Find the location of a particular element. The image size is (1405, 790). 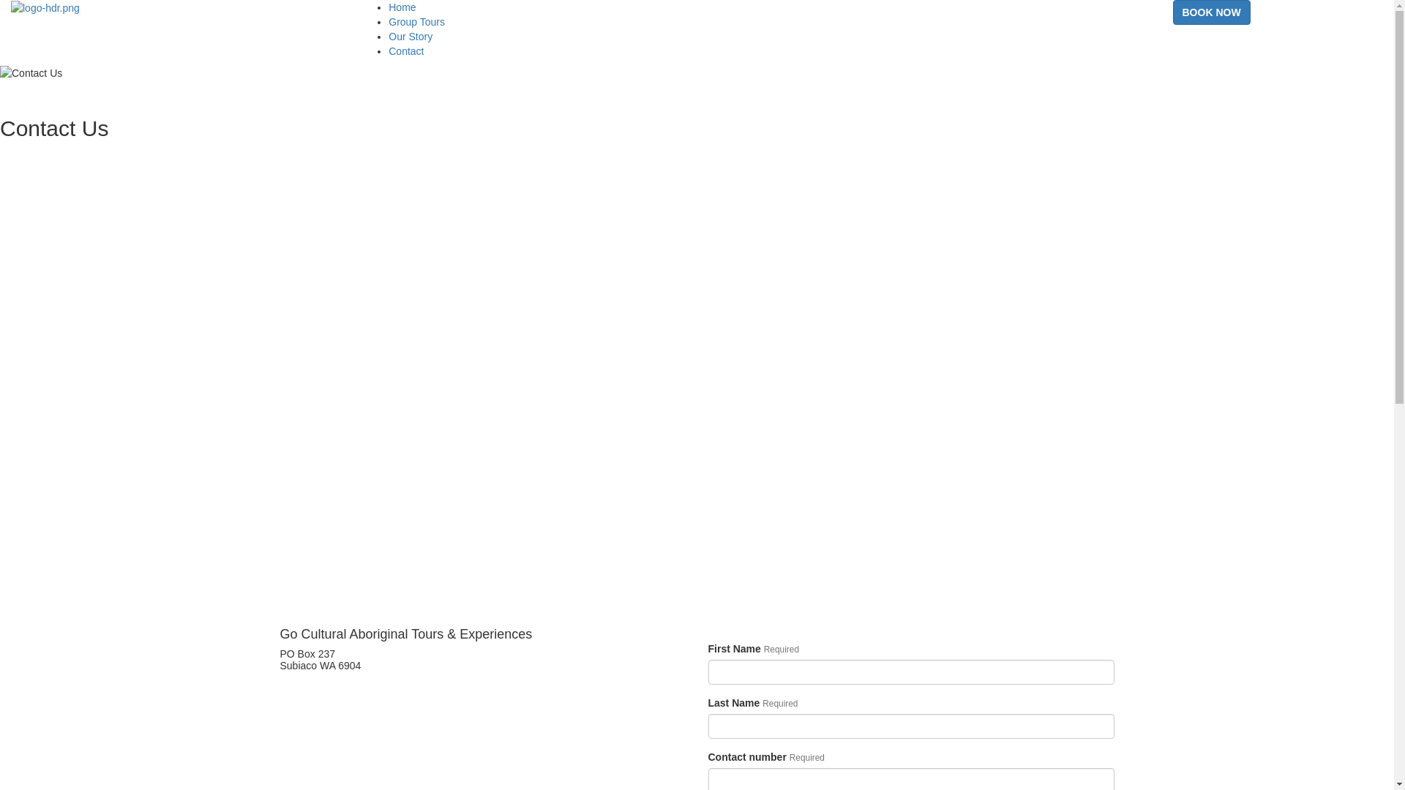

'Contact' is located at coordinates (406, 50).